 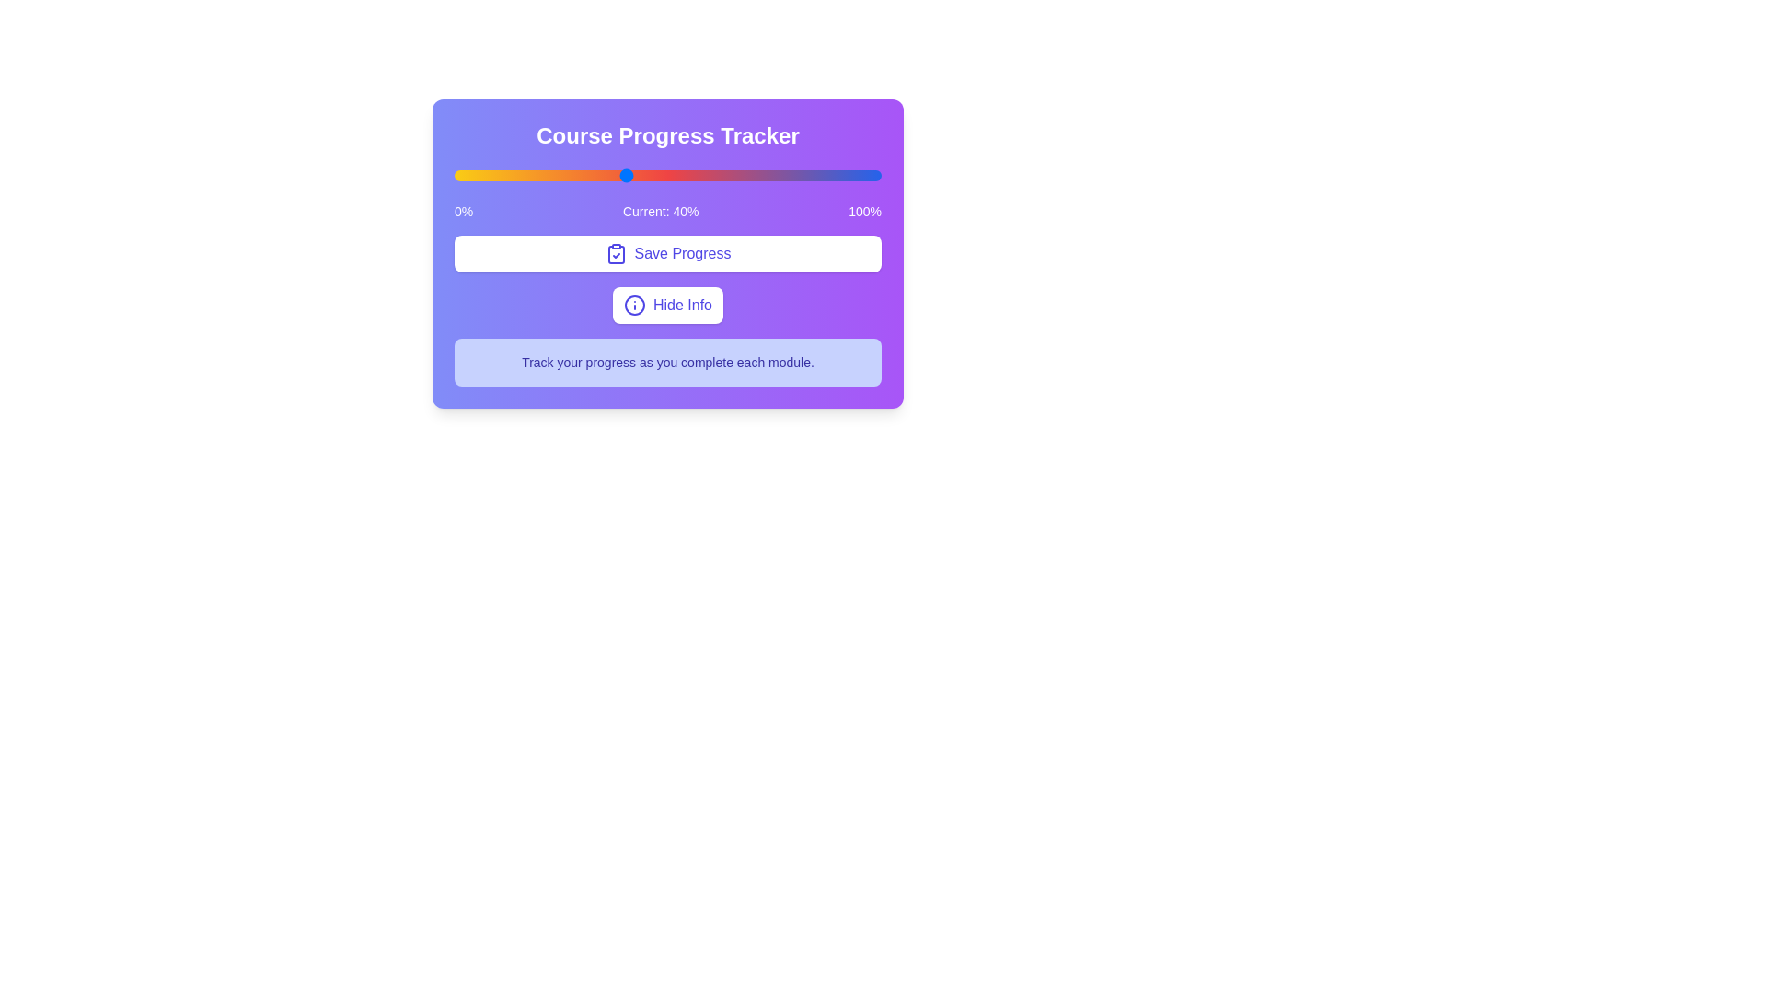 What do you see at coordinates (666, 362) in the screenshot?
I see `text label that provides additional context or instruction about tracking progress through the modules, located at the center bottom of the card-like UI component` at bounding box center [666, 362].